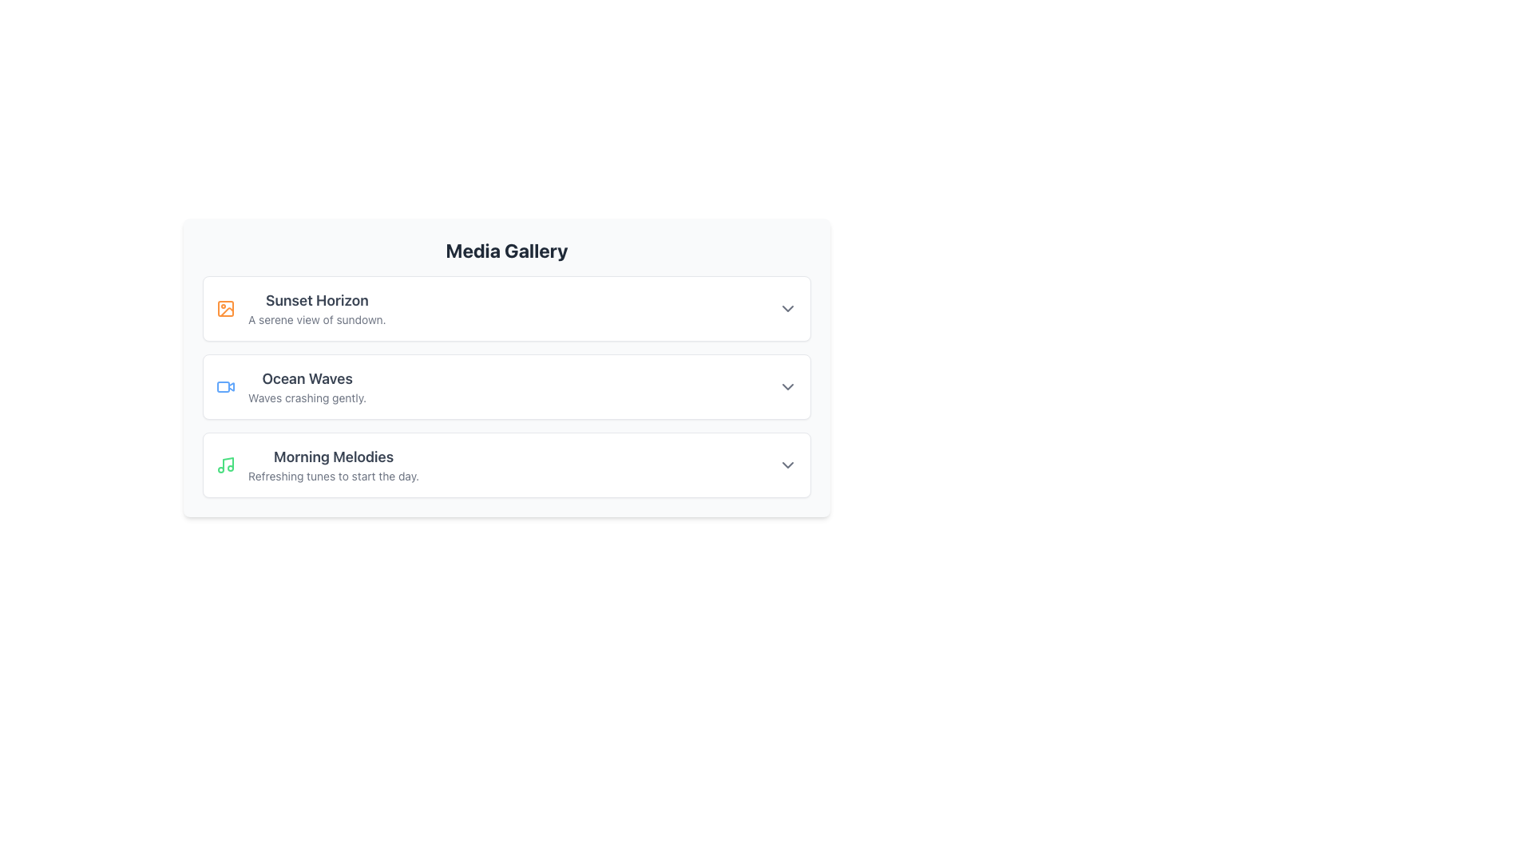 Image resolution: width=1533 pixels, height=862 pixels. What do you see at coordinates (307, 397) in the screenshot?
I see `text label that says 'Waves crashing gently.' which is positioned directly below the 'Ocean Waves' label in the second position of a vertical list` at bounding box center [307, 397].